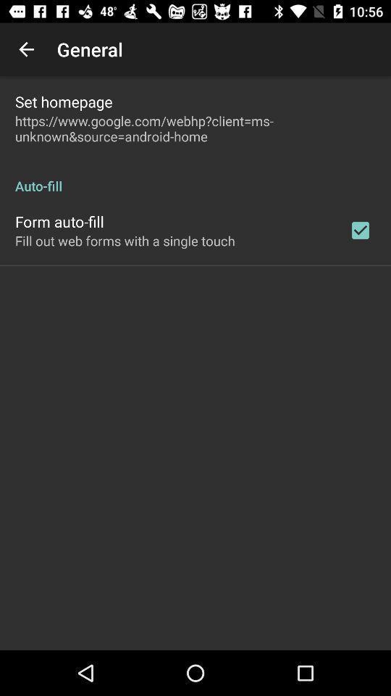  What do you see at coordinates (359, 230) in the screenshot?
I see `the icon at the top right corner` at bounding box center [359, 230].